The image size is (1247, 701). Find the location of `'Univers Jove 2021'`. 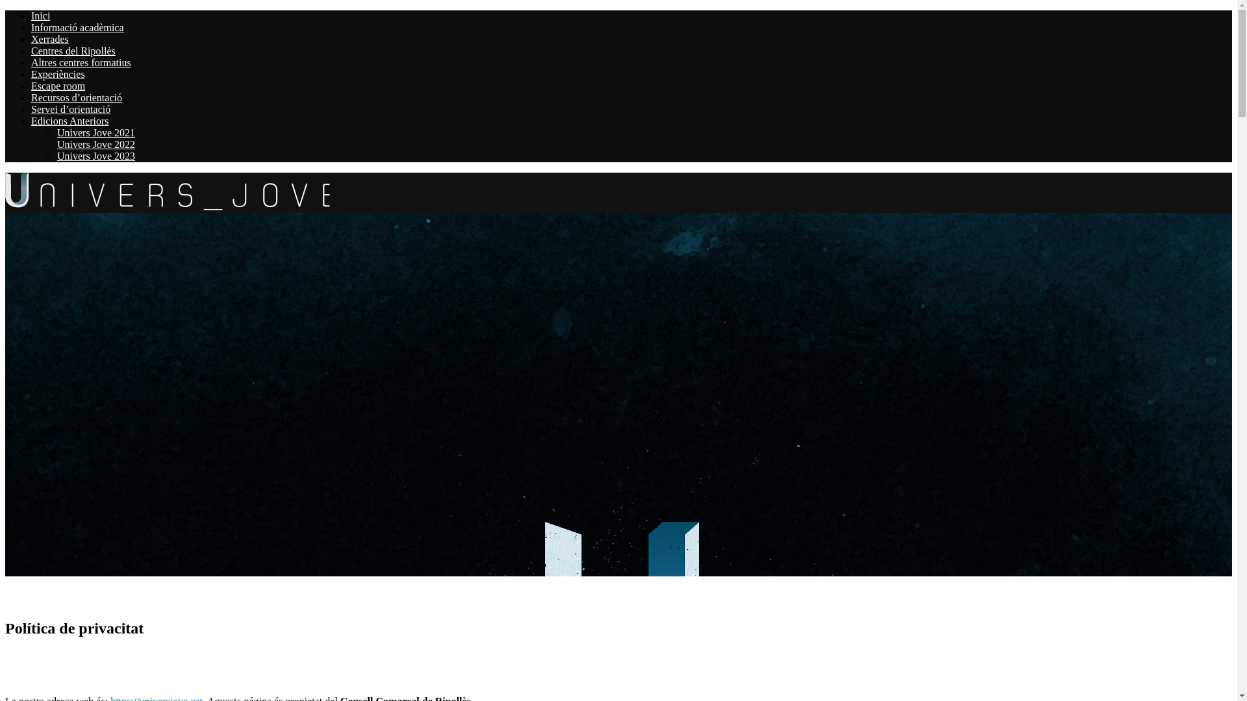

'Univers Jove 2021' is located at coordinates (95, 132).